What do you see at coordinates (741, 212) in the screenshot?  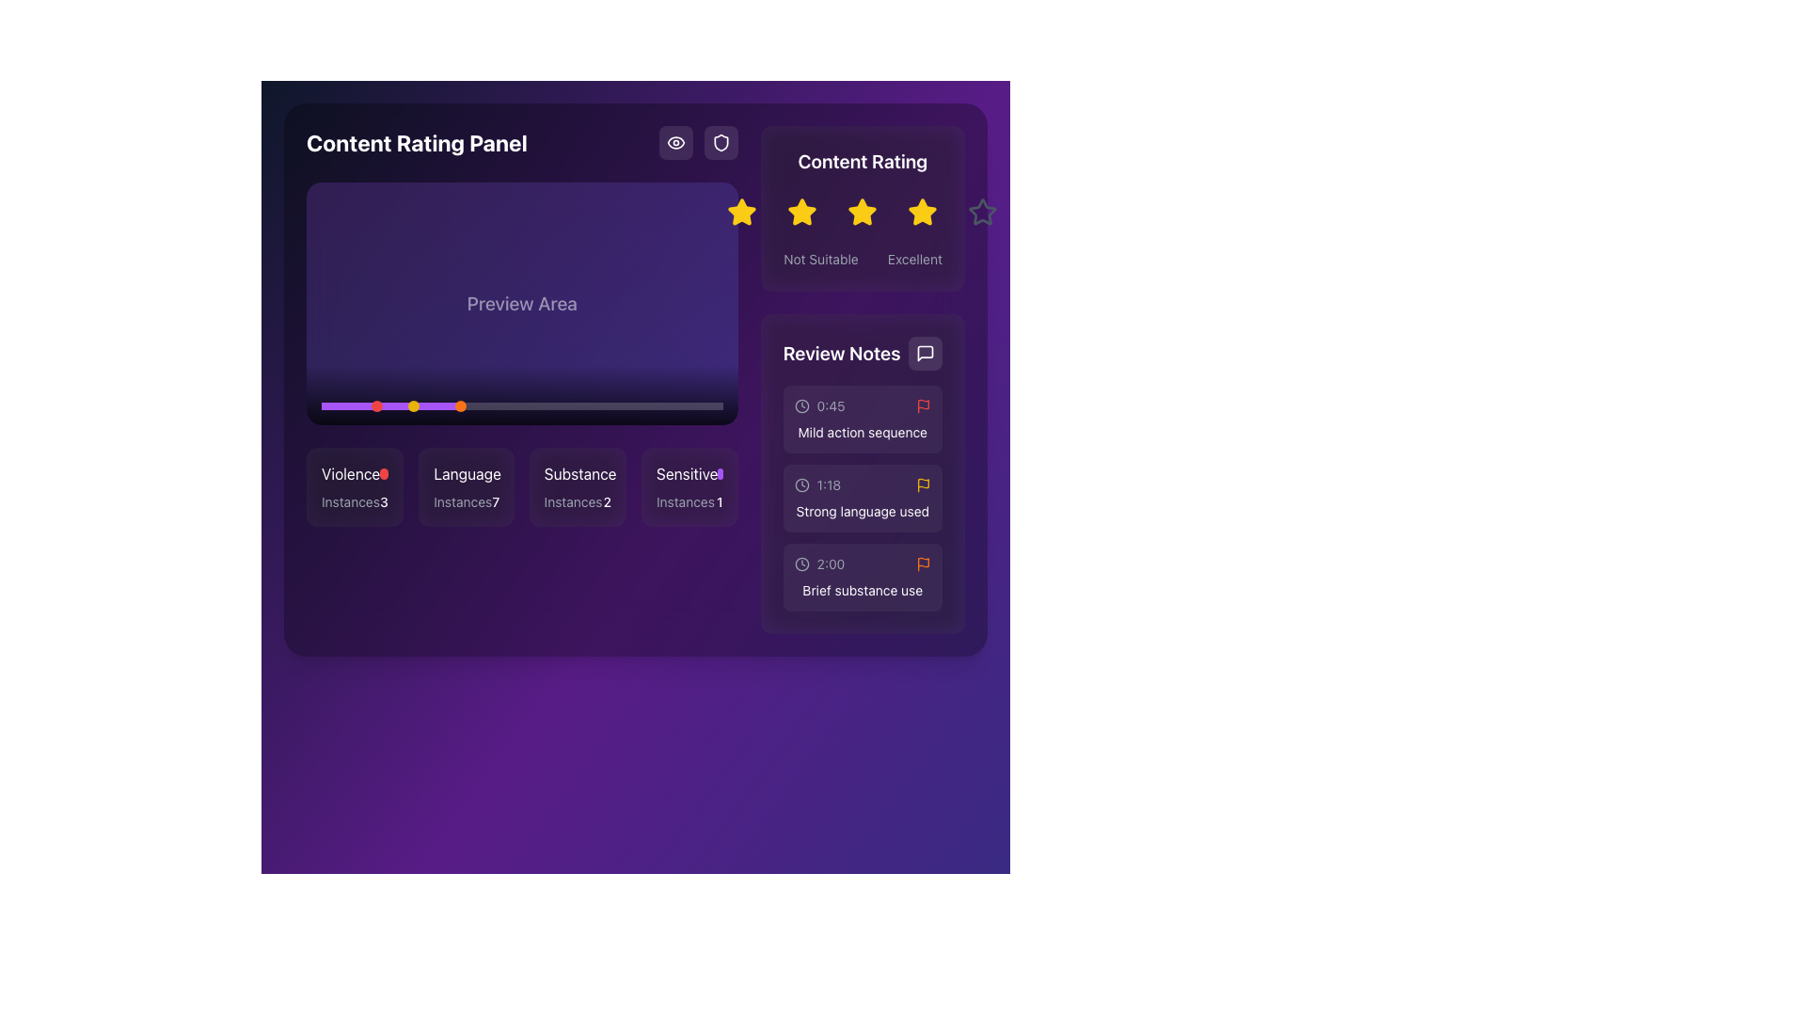 I see `the first yellow star icon` at bounding box center [741, 212].